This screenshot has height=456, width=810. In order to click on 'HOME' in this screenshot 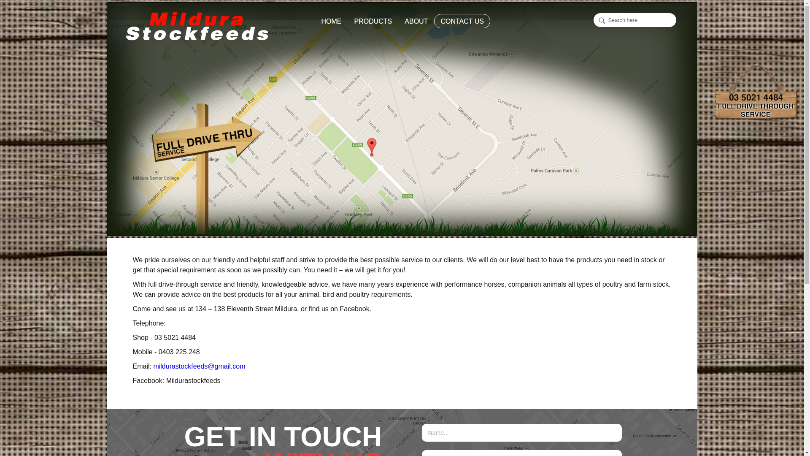, I will do `click(321, 21)`.